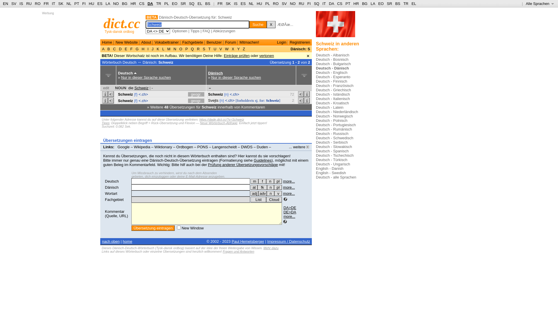 The image size is (558, 314). I want to click on 'Mehr dazu', so click(263, 248).